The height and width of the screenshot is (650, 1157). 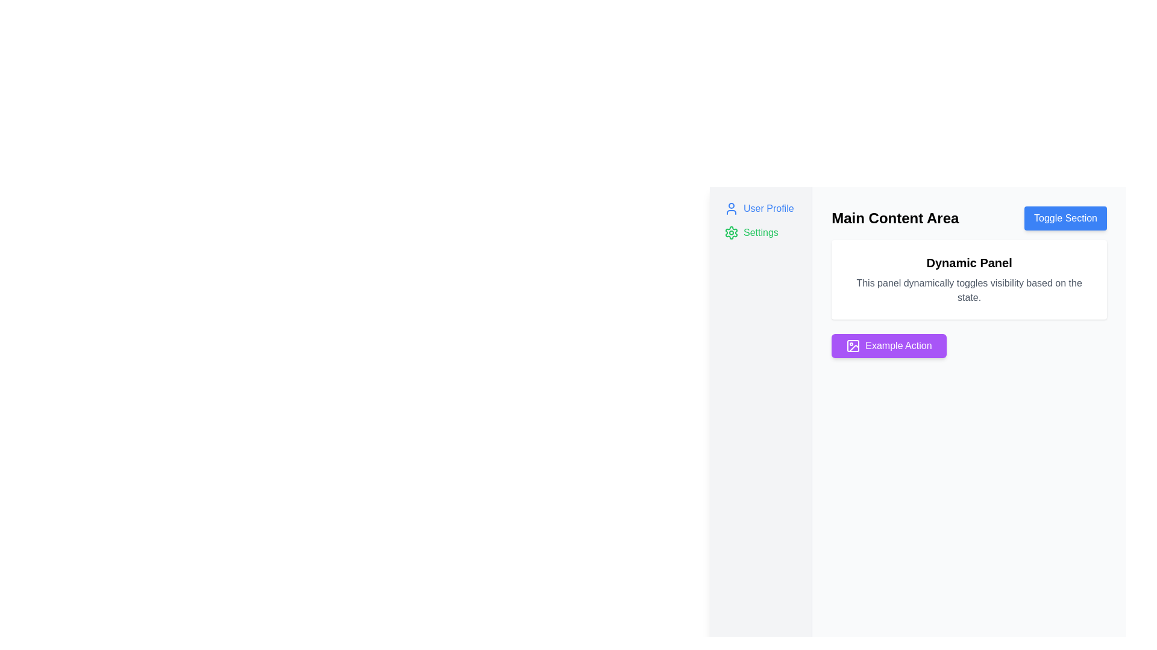 What do you see at coordinates (760, 232) in the screenshot?
I see `the 'Settings' button with a green gear icon located below the 'User Profile' element` at bounding box center [760, 232].